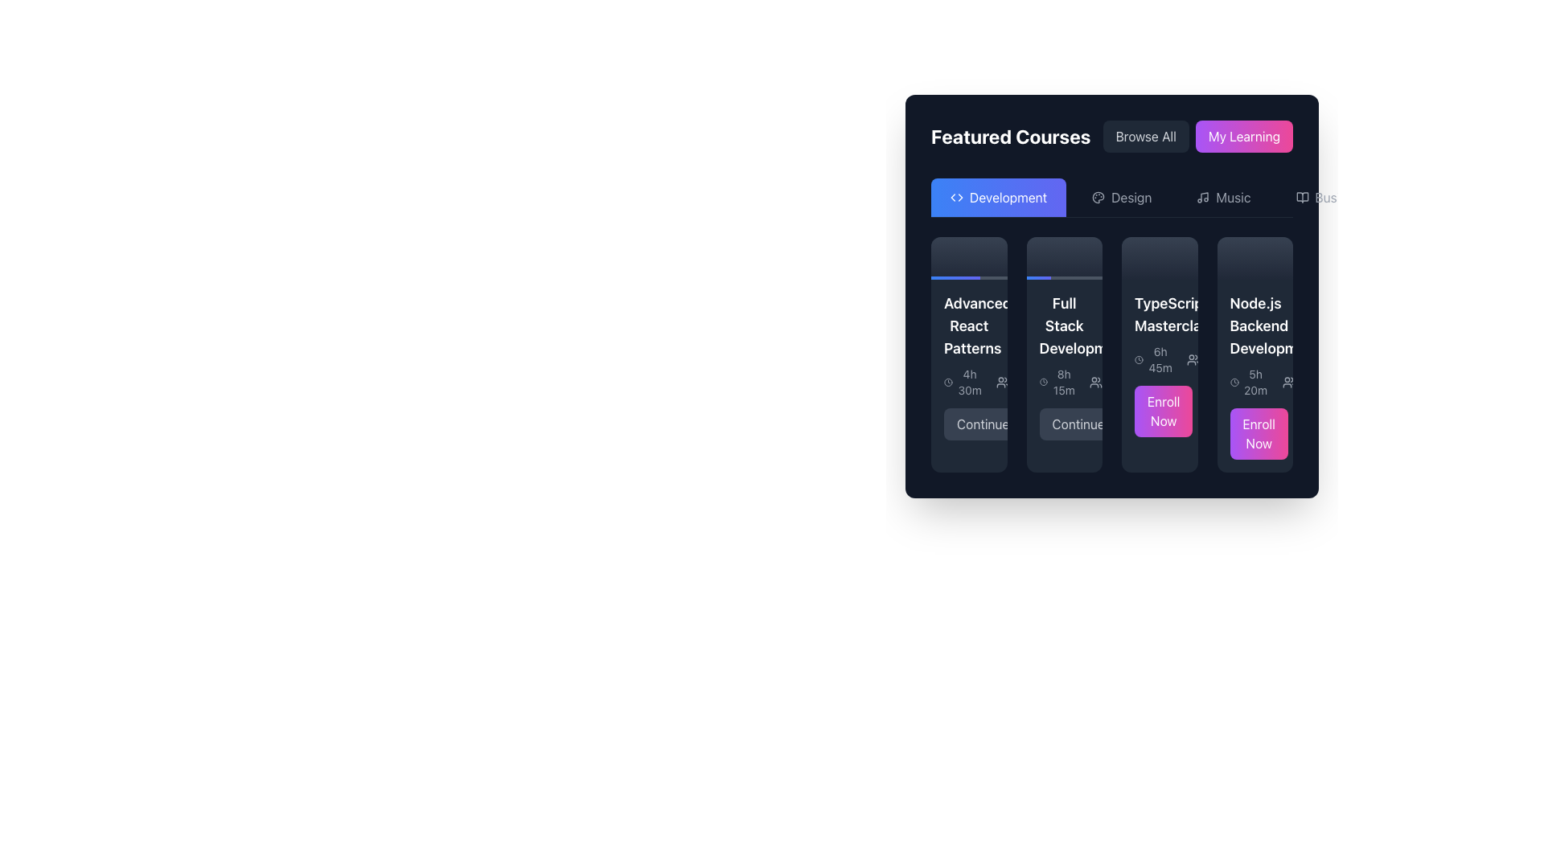 The height and width of the screenshot is (868, 1544). What do you see at coordinates (1254, 325) in the screenshot?
I see `the course title text label located at the top of the far-right card in the horizontal list of course offerings` at bounding box center [1254, 325].